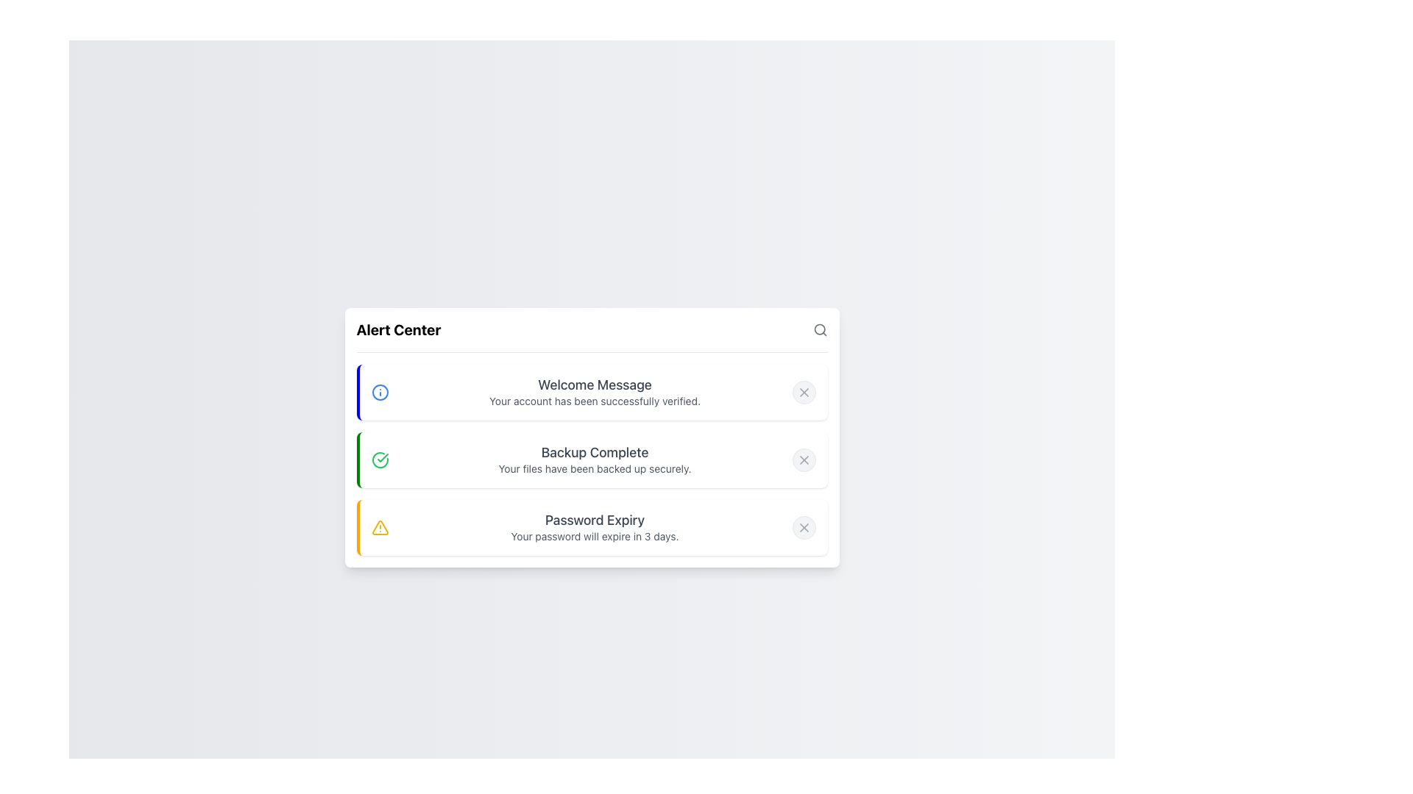  I want to click on the small 'X' icon button used for closing or dismissing the dialog located in the first row labeled 'Welcome Message' under the 'Alert Center', positioned to the far right adjacent to the 'Welcome Message' text, so click(803, 391).